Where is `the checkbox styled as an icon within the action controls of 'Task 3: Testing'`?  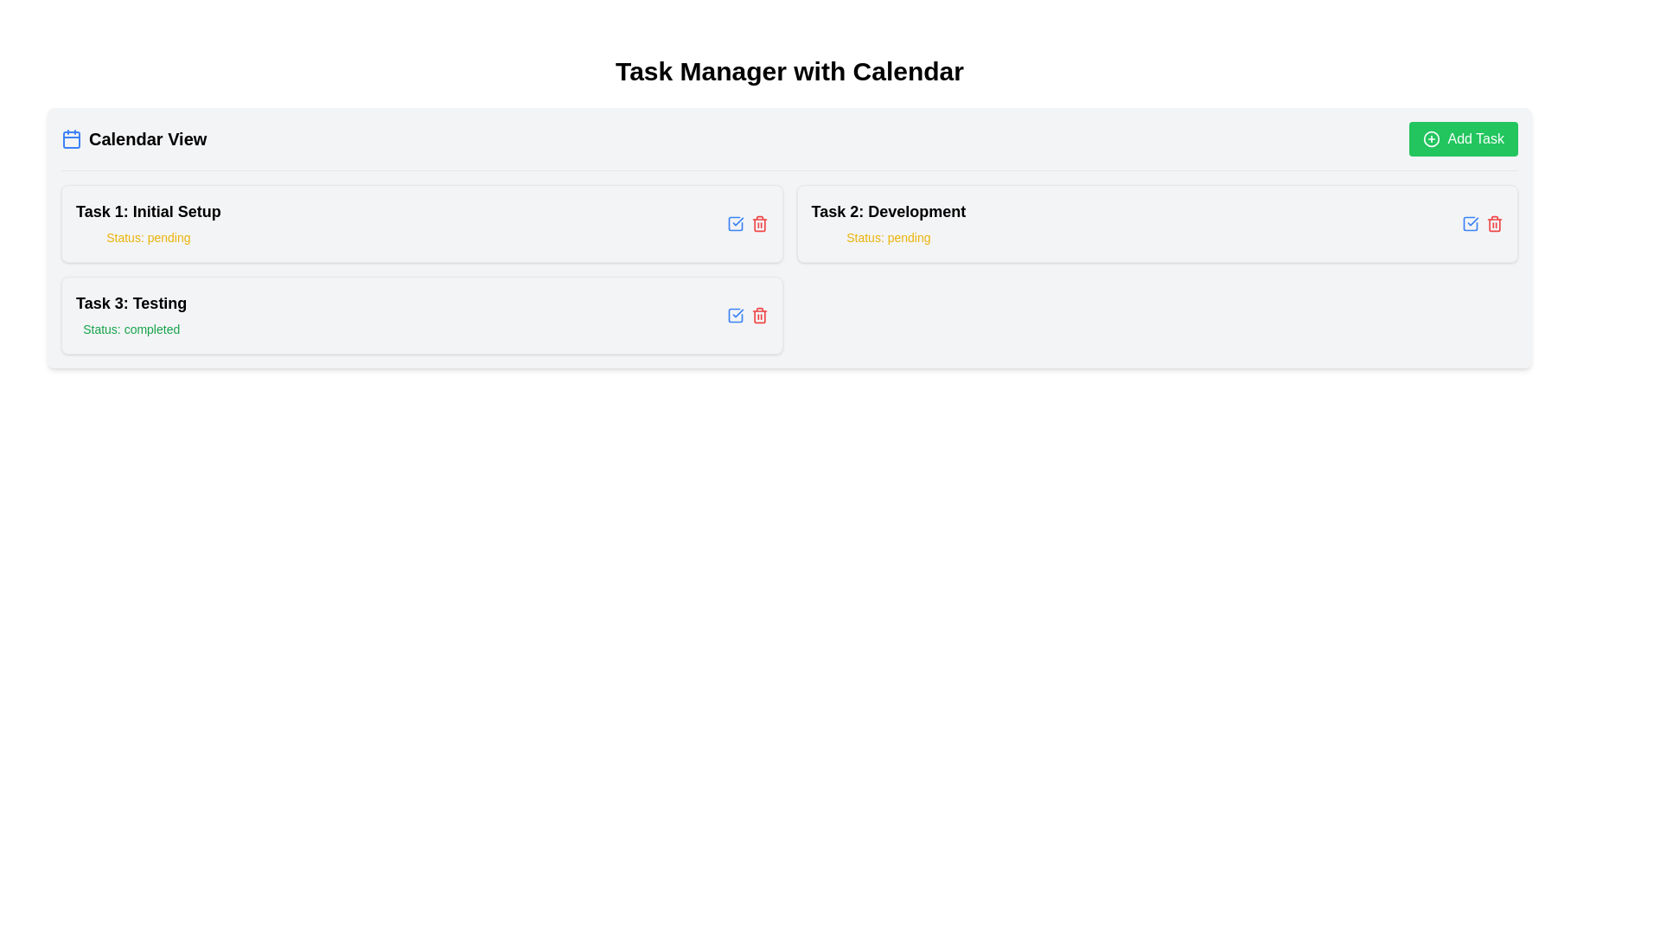 the checkbox styled as an icon within the action controls of 'Task 3: Testing' is located at coordinates (735, 222).